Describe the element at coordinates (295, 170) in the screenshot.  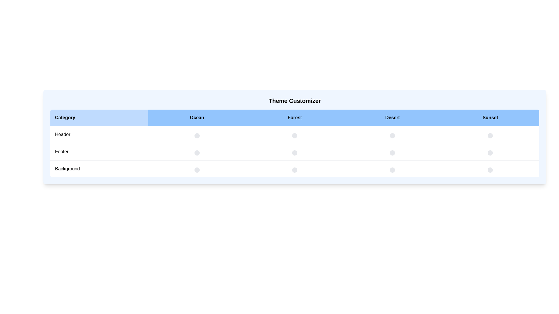
I see `the radio button located in the 'Background' row and 'Desert' column of the 'Theme Customizer' section` at that location.